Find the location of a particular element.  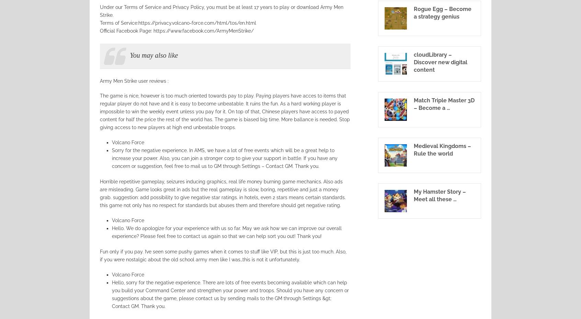

'cloudLibrary – Discover new digital content' is located at coordinates (414, 62).